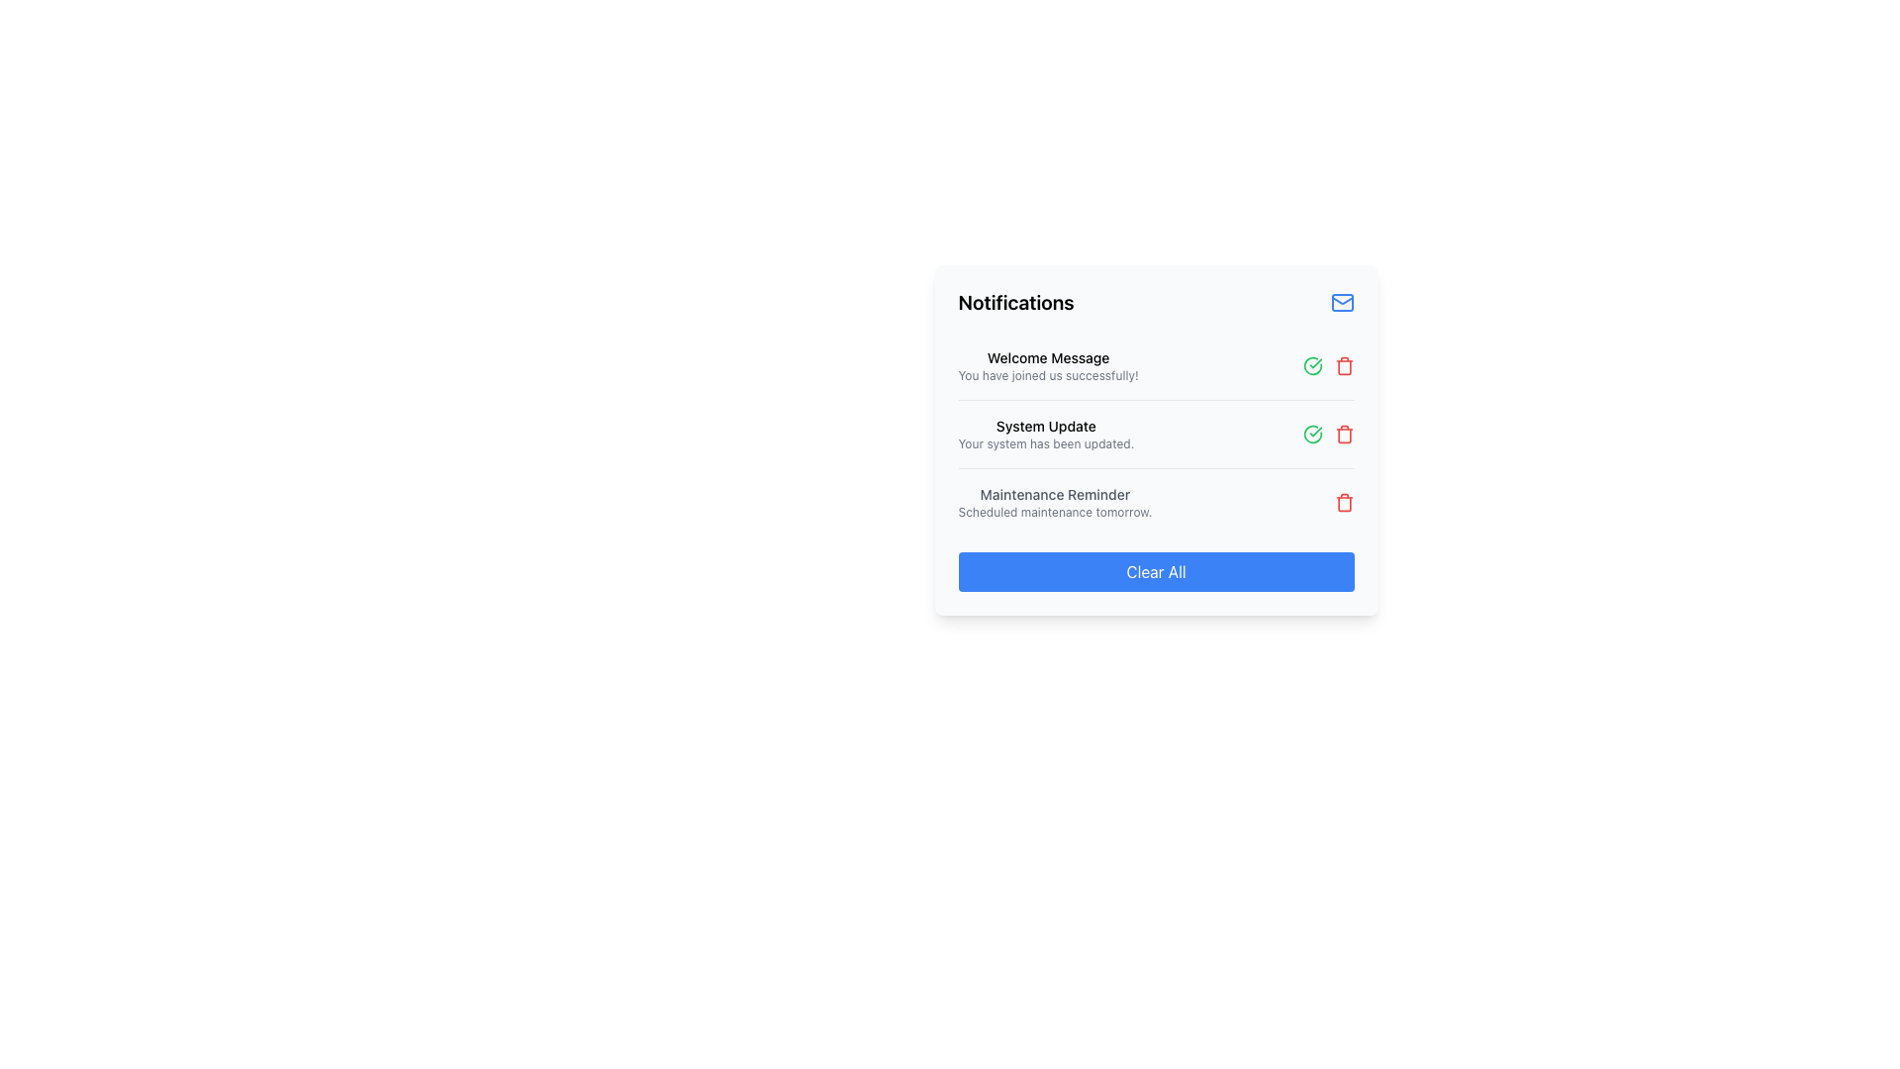 Image resolution: width=1900 pixels, height=1069 pixels. What do you see at coordinates (1156, 501) in the screenshot?
I see `announcement from the third notification card in the notifications list, located between the 'System Update' notification and the 'Clear All' button` at bounding box center [1156, 501].